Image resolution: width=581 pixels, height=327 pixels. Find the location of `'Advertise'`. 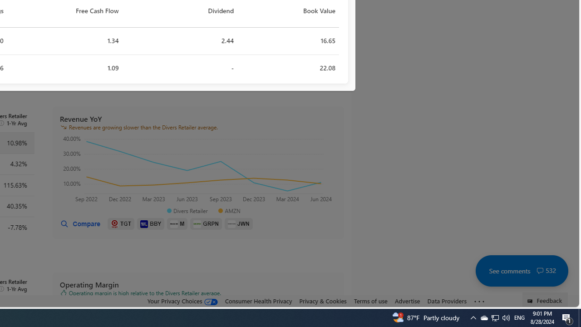

'Advertise' is located at coordinates (407, 301).